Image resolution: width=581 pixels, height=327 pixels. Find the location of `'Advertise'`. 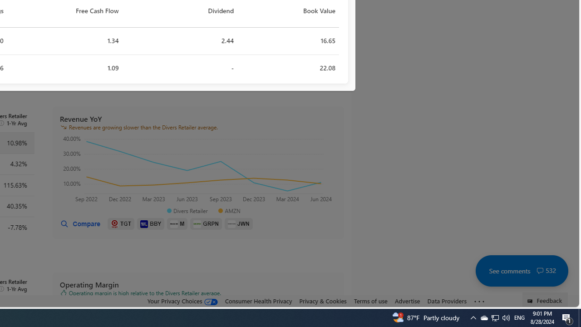

'Advertise' is located at coordinates (407, 301).